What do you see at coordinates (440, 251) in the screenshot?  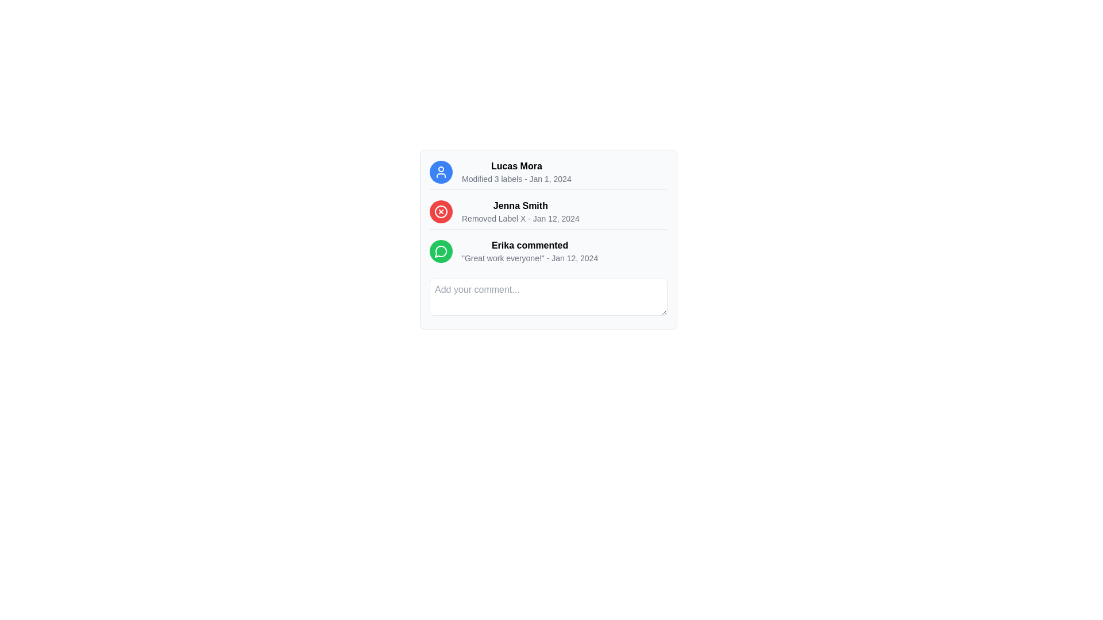 I see `the speech bubble icon that is part of the comment section, located to the left of the text 'Erika commented'` at bounding box center [440, 251].